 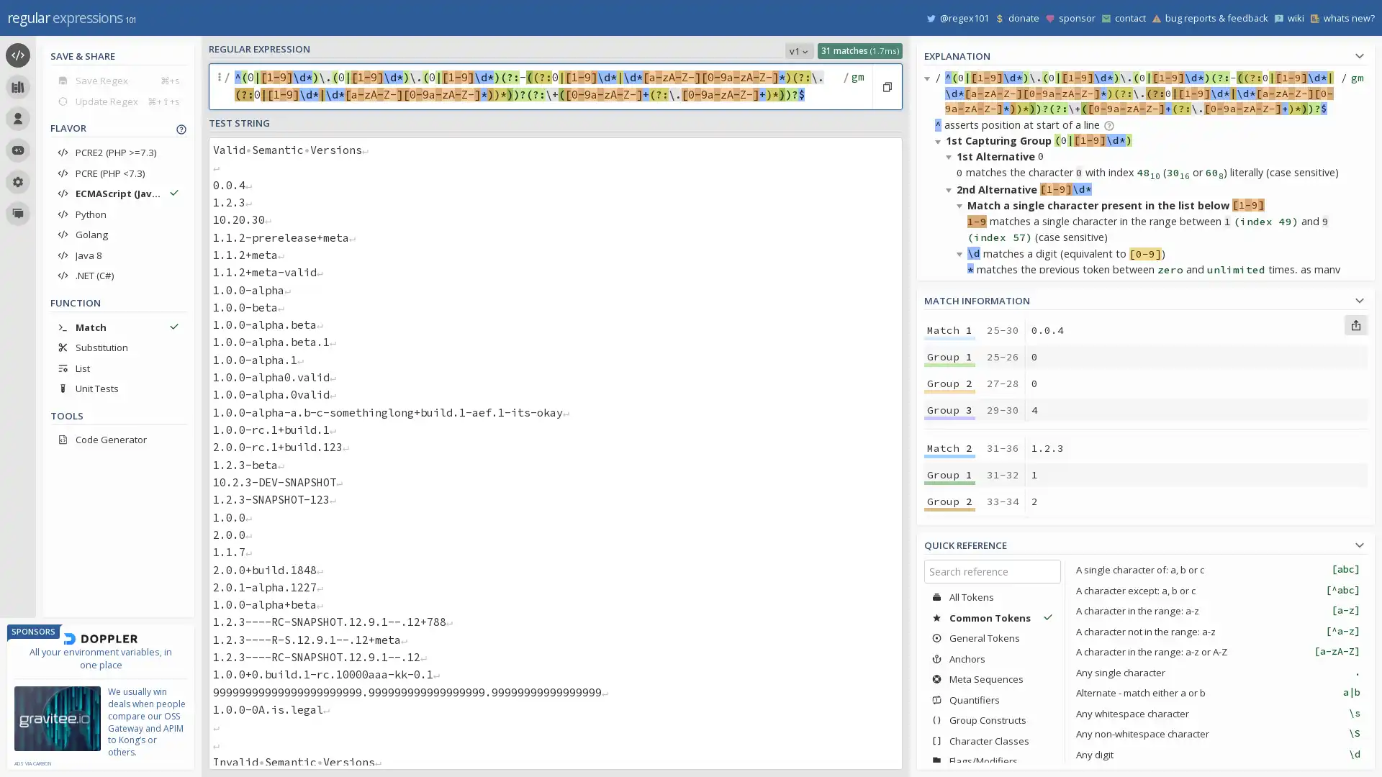 What do you see at coordinates (949, 447) in the screenshot?
I see `Match 2` at bounding box center [949, 447].